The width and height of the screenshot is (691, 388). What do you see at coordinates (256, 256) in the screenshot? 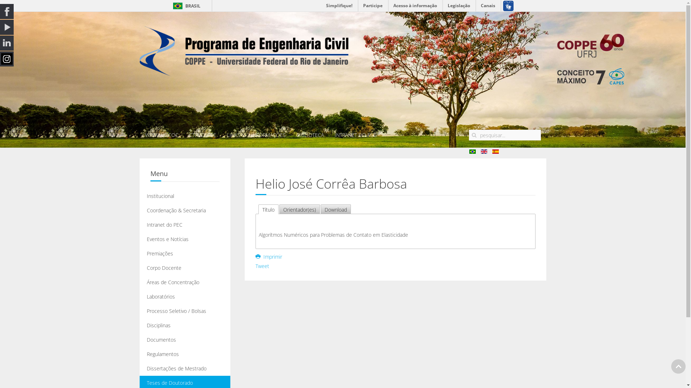
I see `'Imprimir'` at bounding box center [256, 256].